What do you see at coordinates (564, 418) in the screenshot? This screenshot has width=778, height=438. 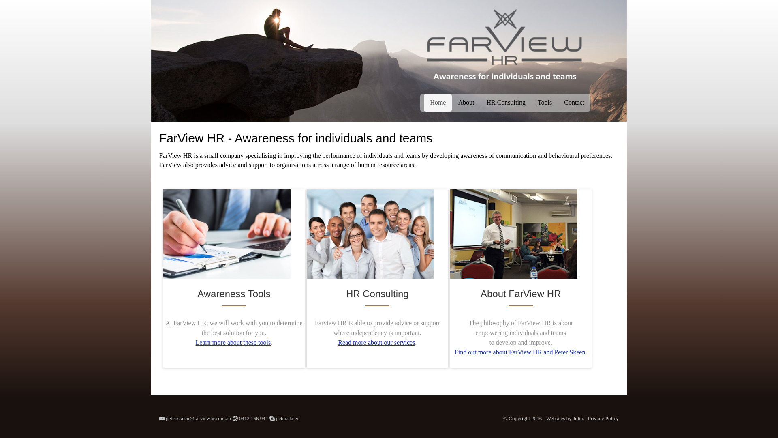 I see `'Websites by Julia'` at bounding box center [564, 418].